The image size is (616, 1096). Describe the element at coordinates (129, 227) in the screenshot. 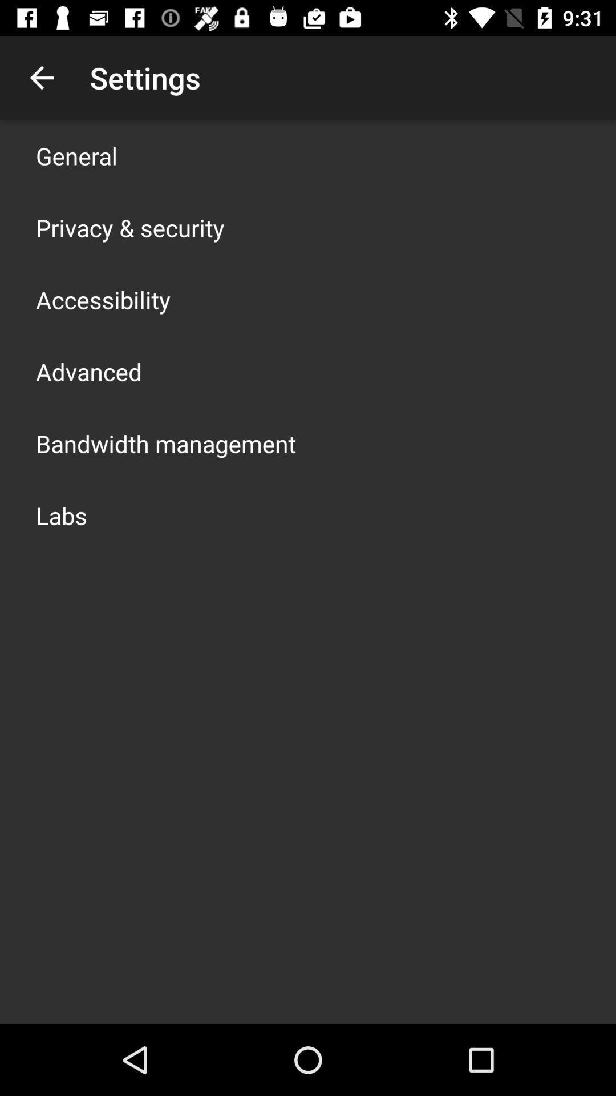

I see `app above accessibility item` at that location.